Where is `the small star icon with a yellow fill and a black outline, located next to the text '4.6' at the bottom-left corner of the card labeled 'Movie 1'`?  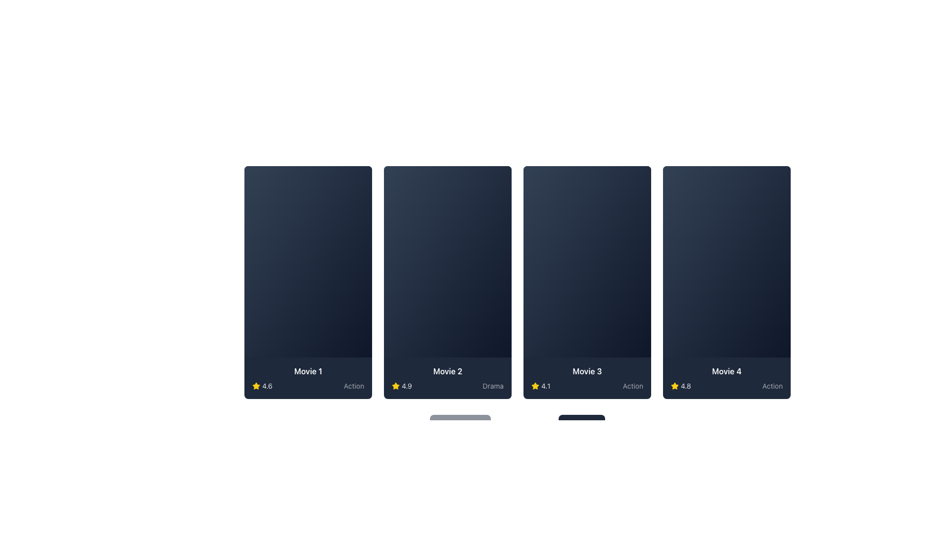 the small star icon with a yellow fill and a black outline, located next to the text '4.6' at the bottom-left corner of the card labeled 'Movie 1' is located at coordinates (256, 385).